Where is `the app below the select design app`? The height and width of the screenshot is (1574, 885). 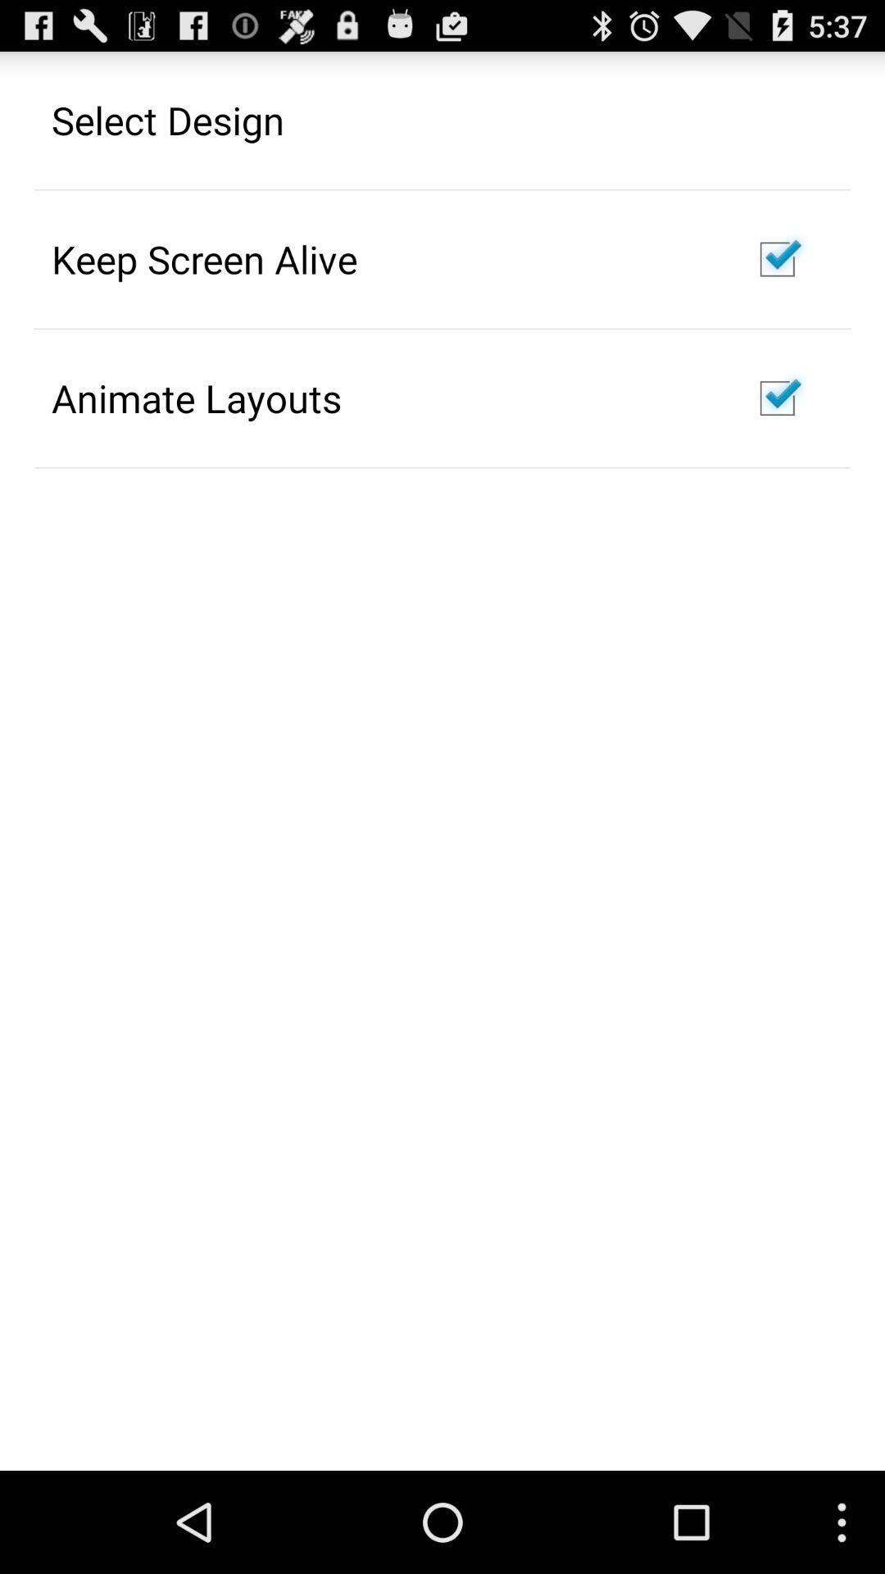
the app below the select design app is located at coordinates (203, 258).